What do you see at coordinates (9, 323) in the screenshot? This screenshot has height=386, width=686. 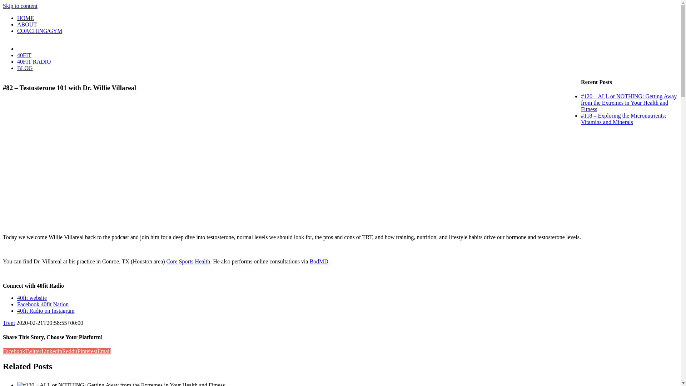 I see `'Trent'` at bounding box center [9, 323].